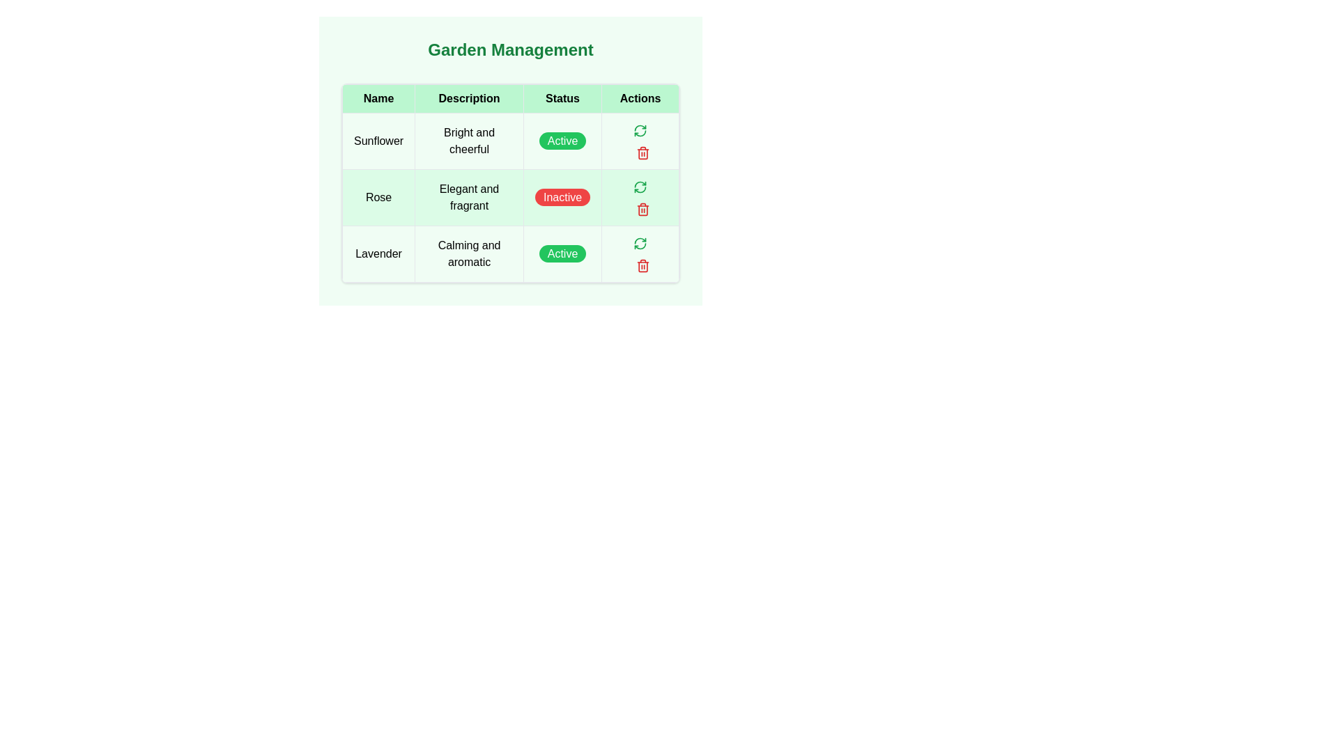 The height and width of the screenshot is (752, 1338). I want to click on the delete button located in the last column labeled 'Actions' for the row corresponding to 'Lavender', so click(643, 267).